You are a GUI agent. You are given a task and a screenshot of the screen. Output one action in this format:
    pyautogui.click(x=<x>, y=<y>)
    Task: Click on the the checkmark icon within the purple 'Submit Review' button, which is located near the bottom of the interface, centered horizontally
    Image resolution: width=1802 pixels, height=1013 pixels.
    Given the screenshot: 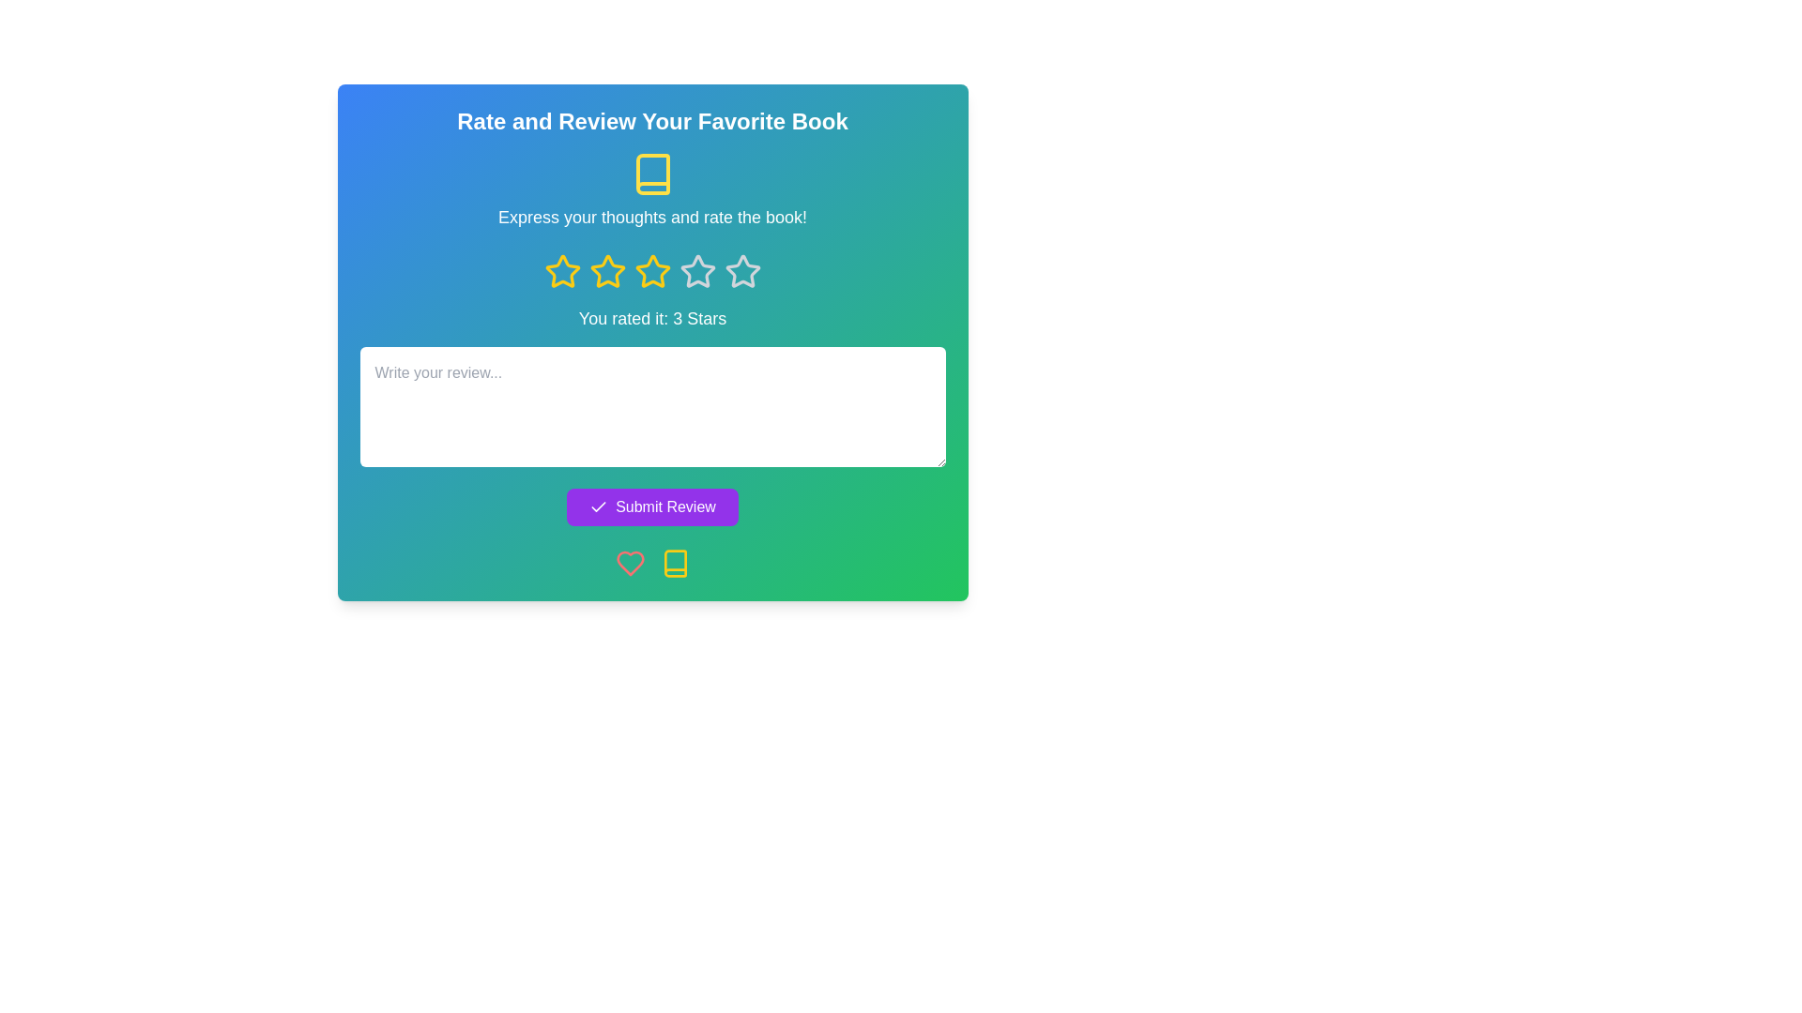 What is the action you would take?
    pyautogui.click(x=598, y=506)
    